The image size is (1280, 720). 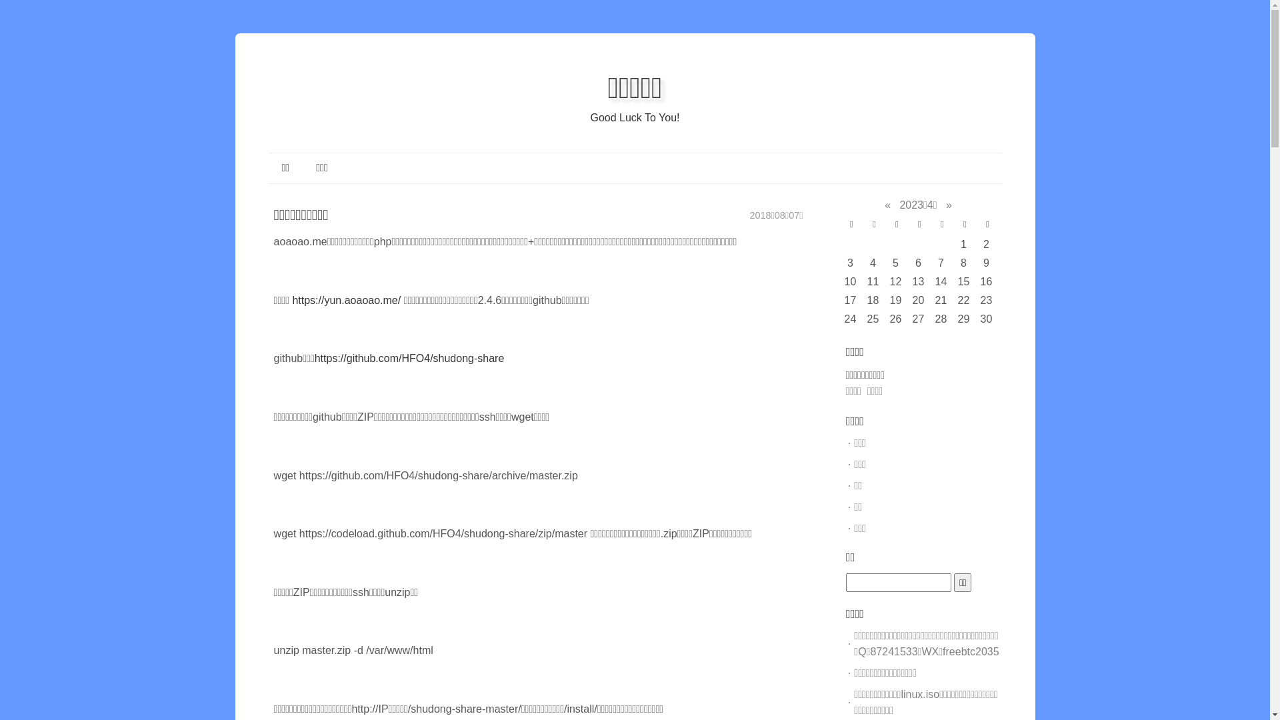 I want to click on 'https://github.com/HFO4/shudong-share', so click(x=409, y=357).